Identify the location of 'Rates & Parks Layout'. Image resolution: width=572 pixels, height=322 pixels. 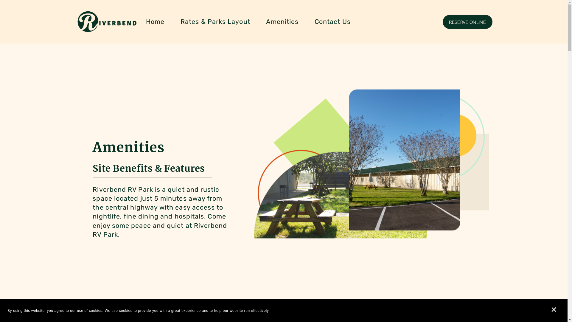
(215, 21).